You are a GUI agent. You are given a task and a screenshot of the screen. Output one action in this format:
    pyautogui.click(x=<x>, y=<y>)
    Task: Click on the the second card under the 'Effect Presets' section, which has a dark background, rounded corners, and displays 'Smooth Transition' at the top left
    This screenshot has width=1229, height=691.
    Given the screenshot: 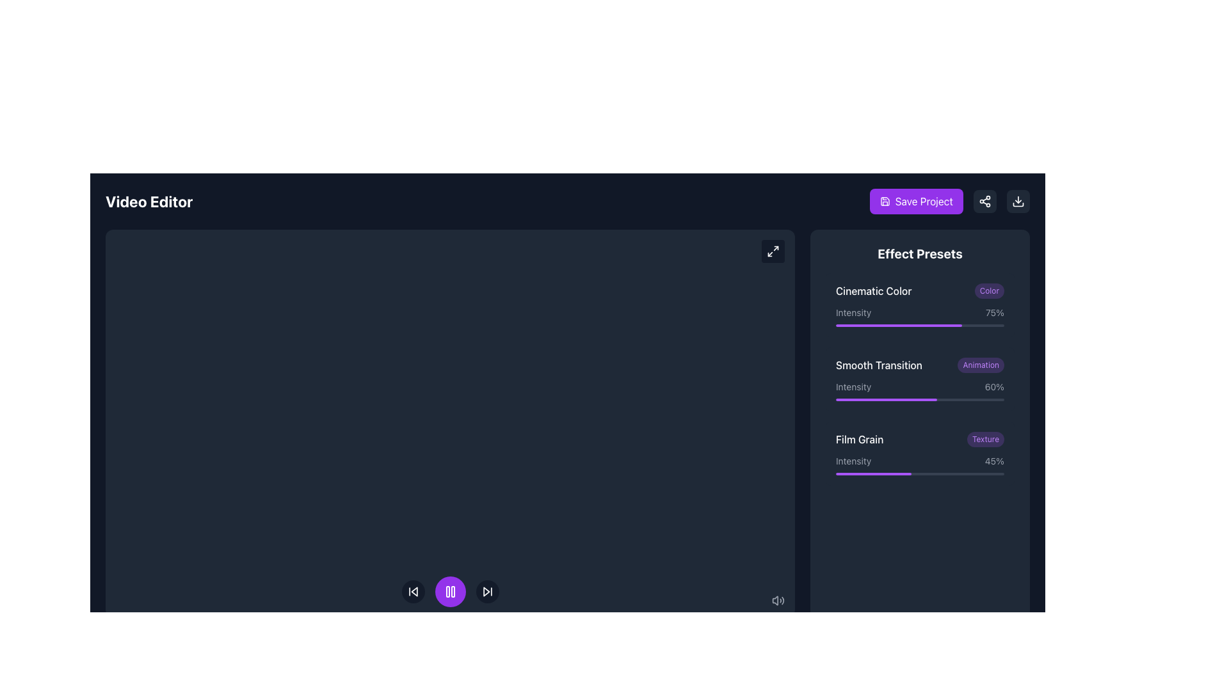 What is the action you would take?
    pyautogui.click(x=919, y=379)
    